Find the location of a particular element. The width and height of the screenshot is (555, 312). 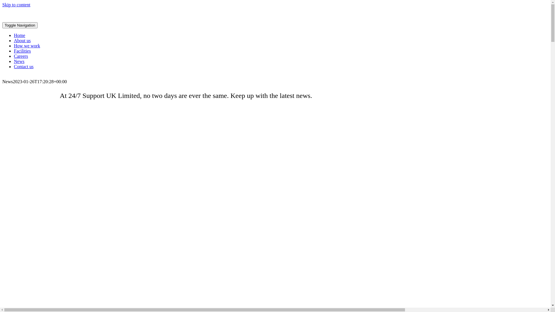

'News' is located at coordinates (14, 61).